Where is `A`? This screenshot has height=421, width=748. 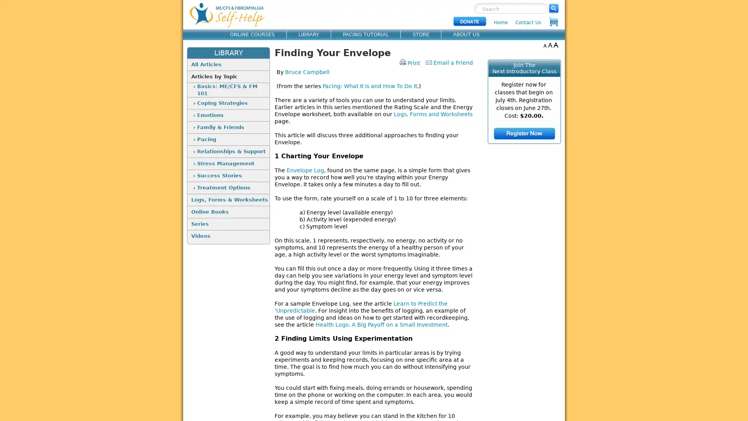
A is located at coordinates (544, 45).